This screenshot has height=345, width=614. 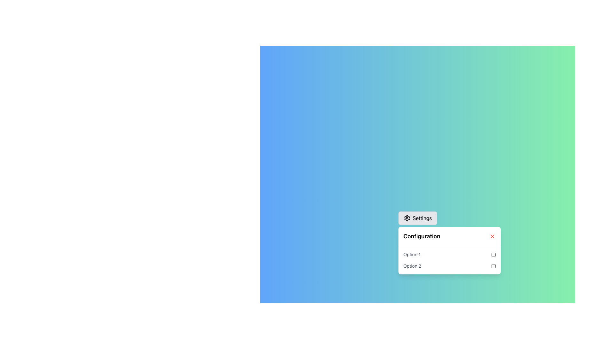 What do you see at coordinates (406, 218) in the screenshot?
I see `the outer gear shape of the settings icon located at the top area of the configuration card` at bounding box center [406, 218].